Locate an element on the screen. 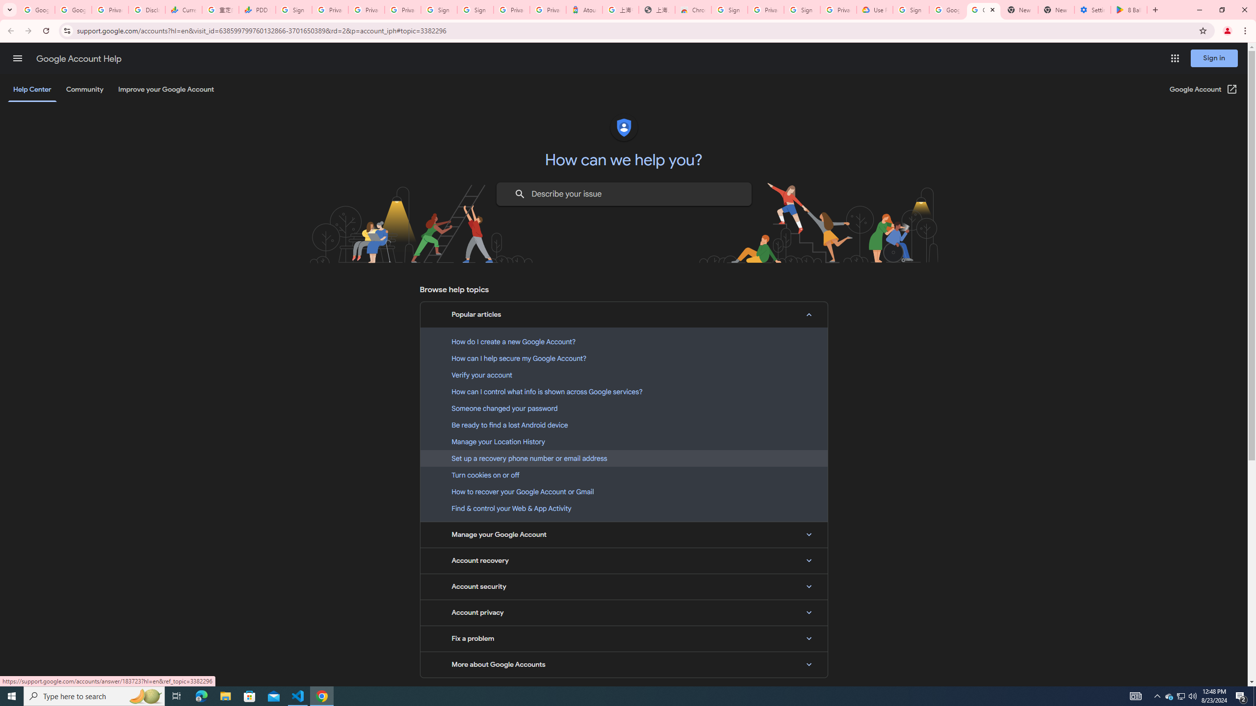  'Manage your Google Account' is located at coordinates (624, 535).